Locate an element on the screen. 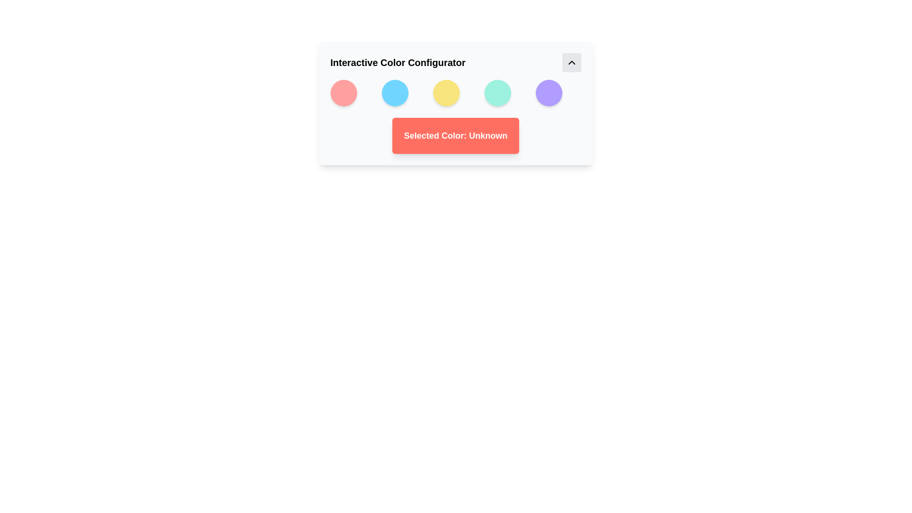 This screenshot has width=912, height=513. the yellow color selection button in the Interactive Color Configurator is located at coordinates (446, 93).